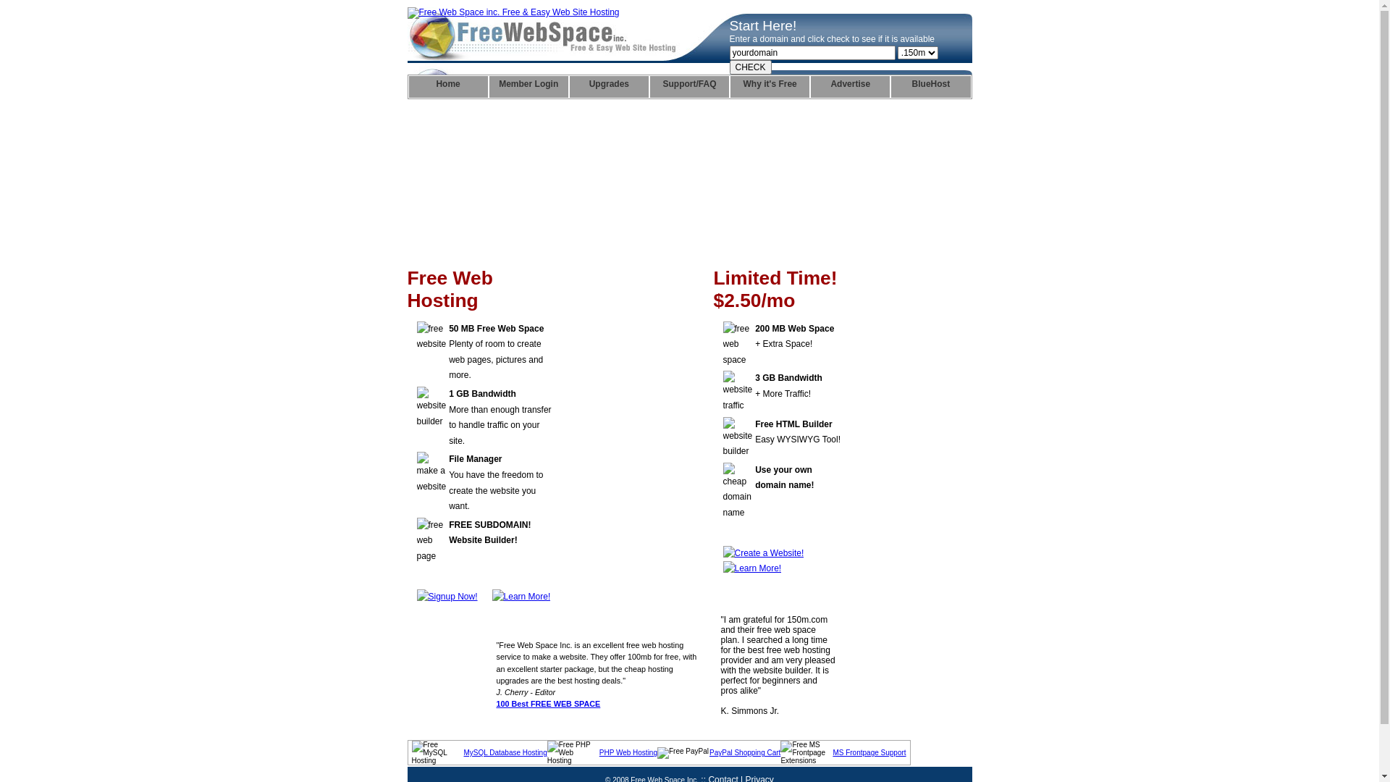 The width and height of the screenshot is (1390, 782). What do you see at coordinates (447, 86) in the screenshot?
I see `'Home'` at bounding box center [447, 86].